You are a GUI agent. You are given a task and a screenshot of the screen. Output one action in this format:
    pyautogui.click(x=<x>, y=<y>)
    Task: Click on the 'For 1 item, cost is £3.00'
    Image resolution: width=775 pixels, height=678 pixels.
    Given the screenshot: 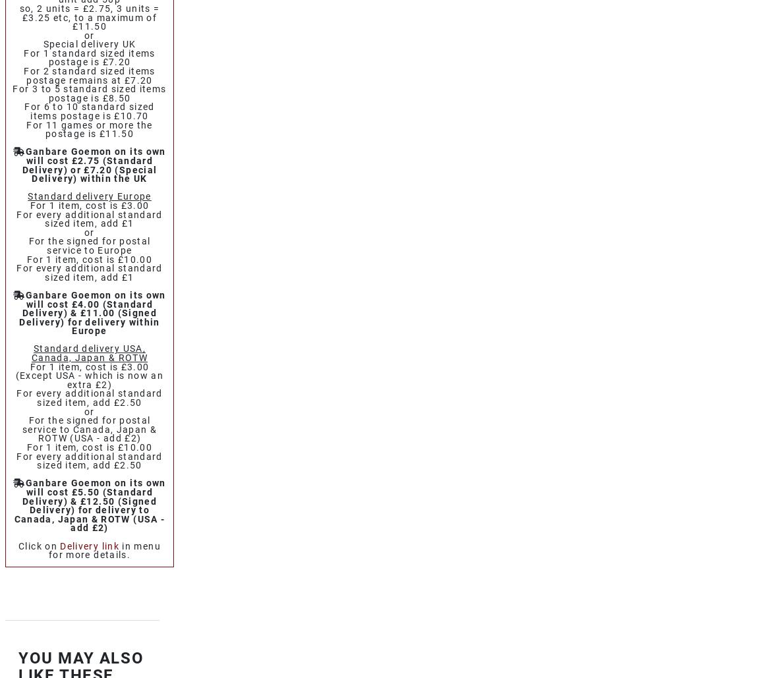 What is the action you would take?
    pyautogui.click(x=89, y=204)
    